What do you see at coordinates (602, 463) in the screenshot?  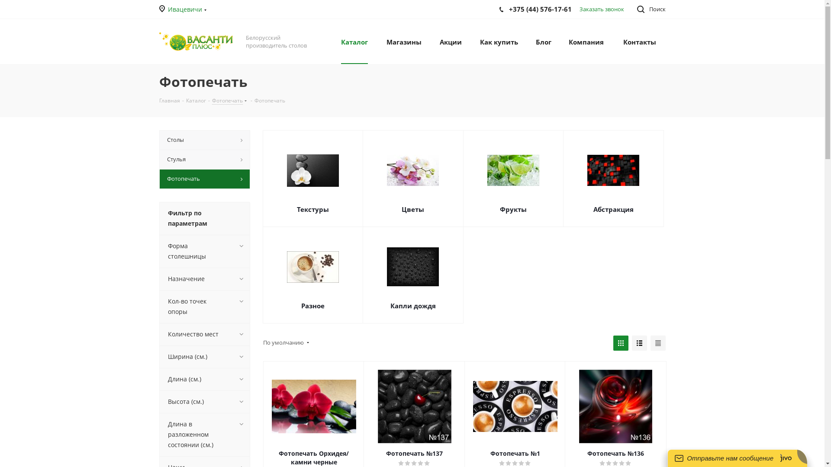 I see `'1'` at bounding box center [602, 463].